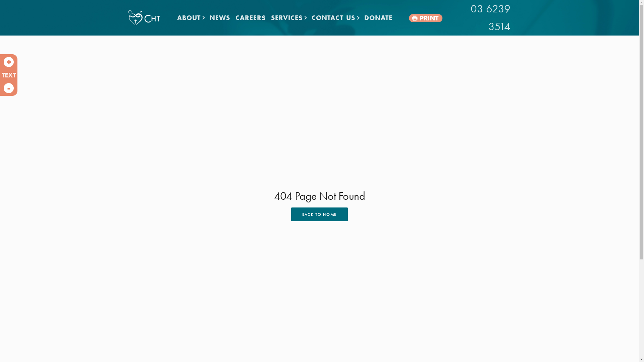 Image resolution: width=644 pixels, height=362 pixels. What do you see at coordinates (335, 17) in the screenshot?
I see `'CONTACT US'` at bounding box center [335, 17].